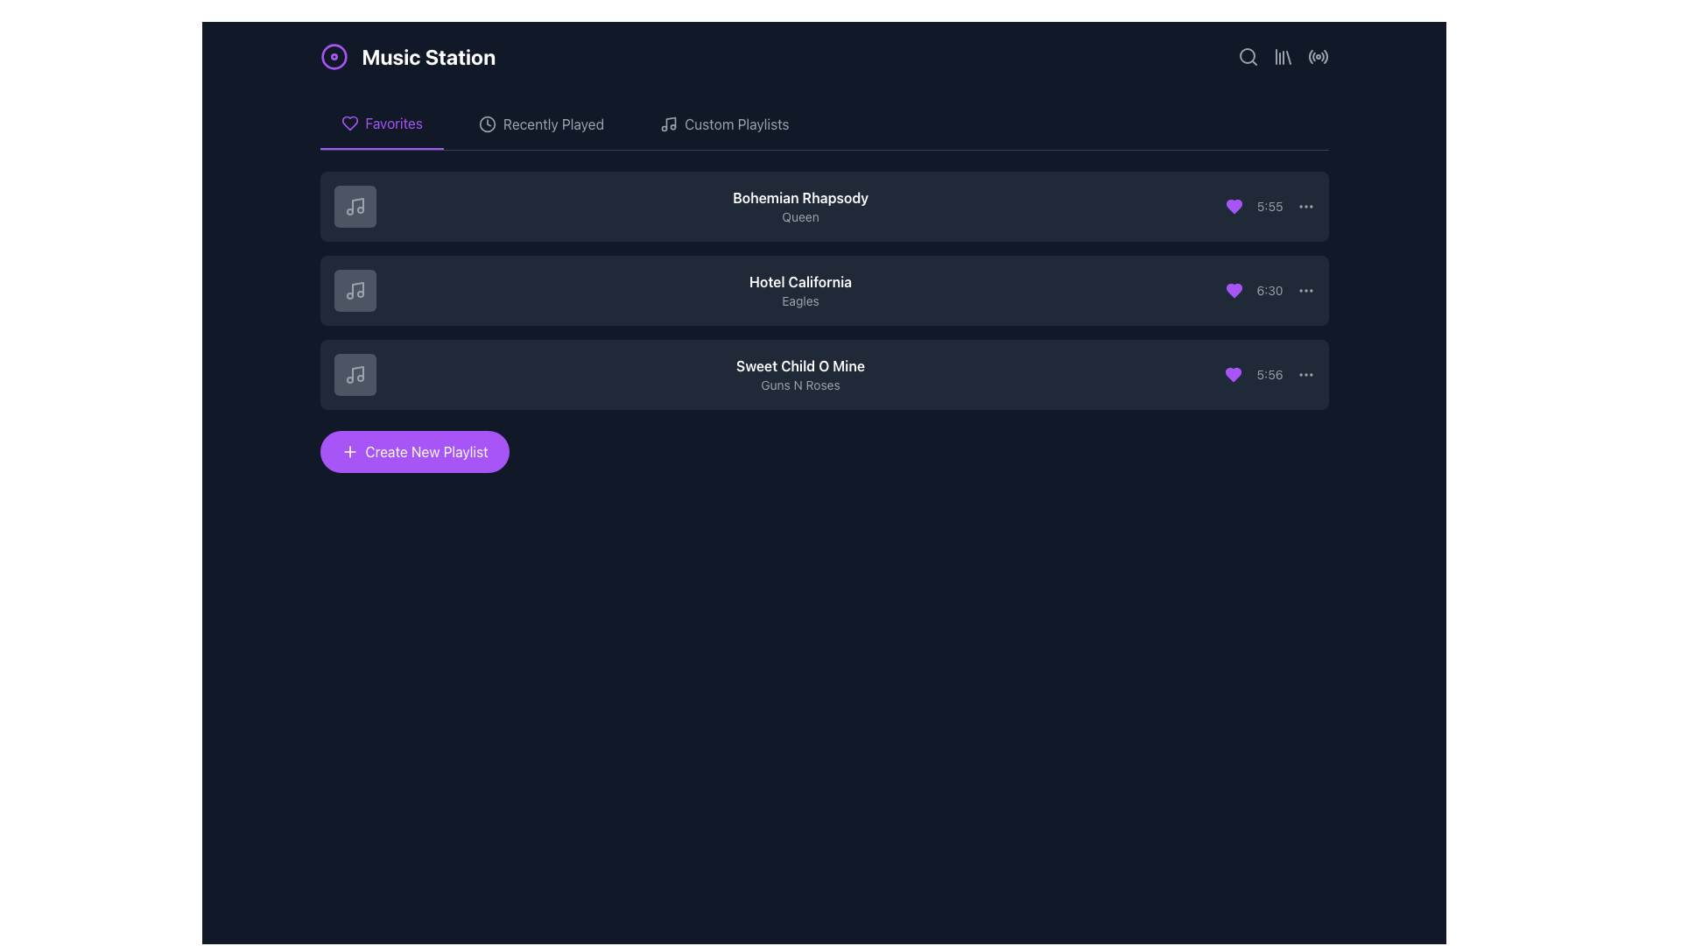  Describe the element at coordinates (799, 374) in the screenshot. I see `the Text Display that shows the title and artist of a music track in the Favorites section of the Music Station application, positioned in the third row under 'Bohemian Rhapsody' and 'Hotel California'` at that location.